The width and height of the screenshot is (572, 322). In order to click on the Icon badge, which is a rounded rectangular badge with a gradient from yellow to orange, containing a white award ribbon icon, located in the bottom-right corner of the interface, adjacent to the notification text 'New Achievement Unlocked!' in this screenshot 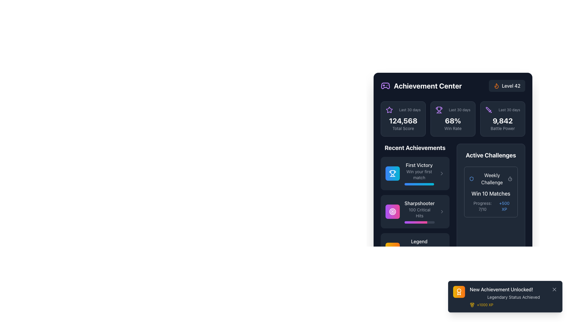, I will do `click(458, 292)`.